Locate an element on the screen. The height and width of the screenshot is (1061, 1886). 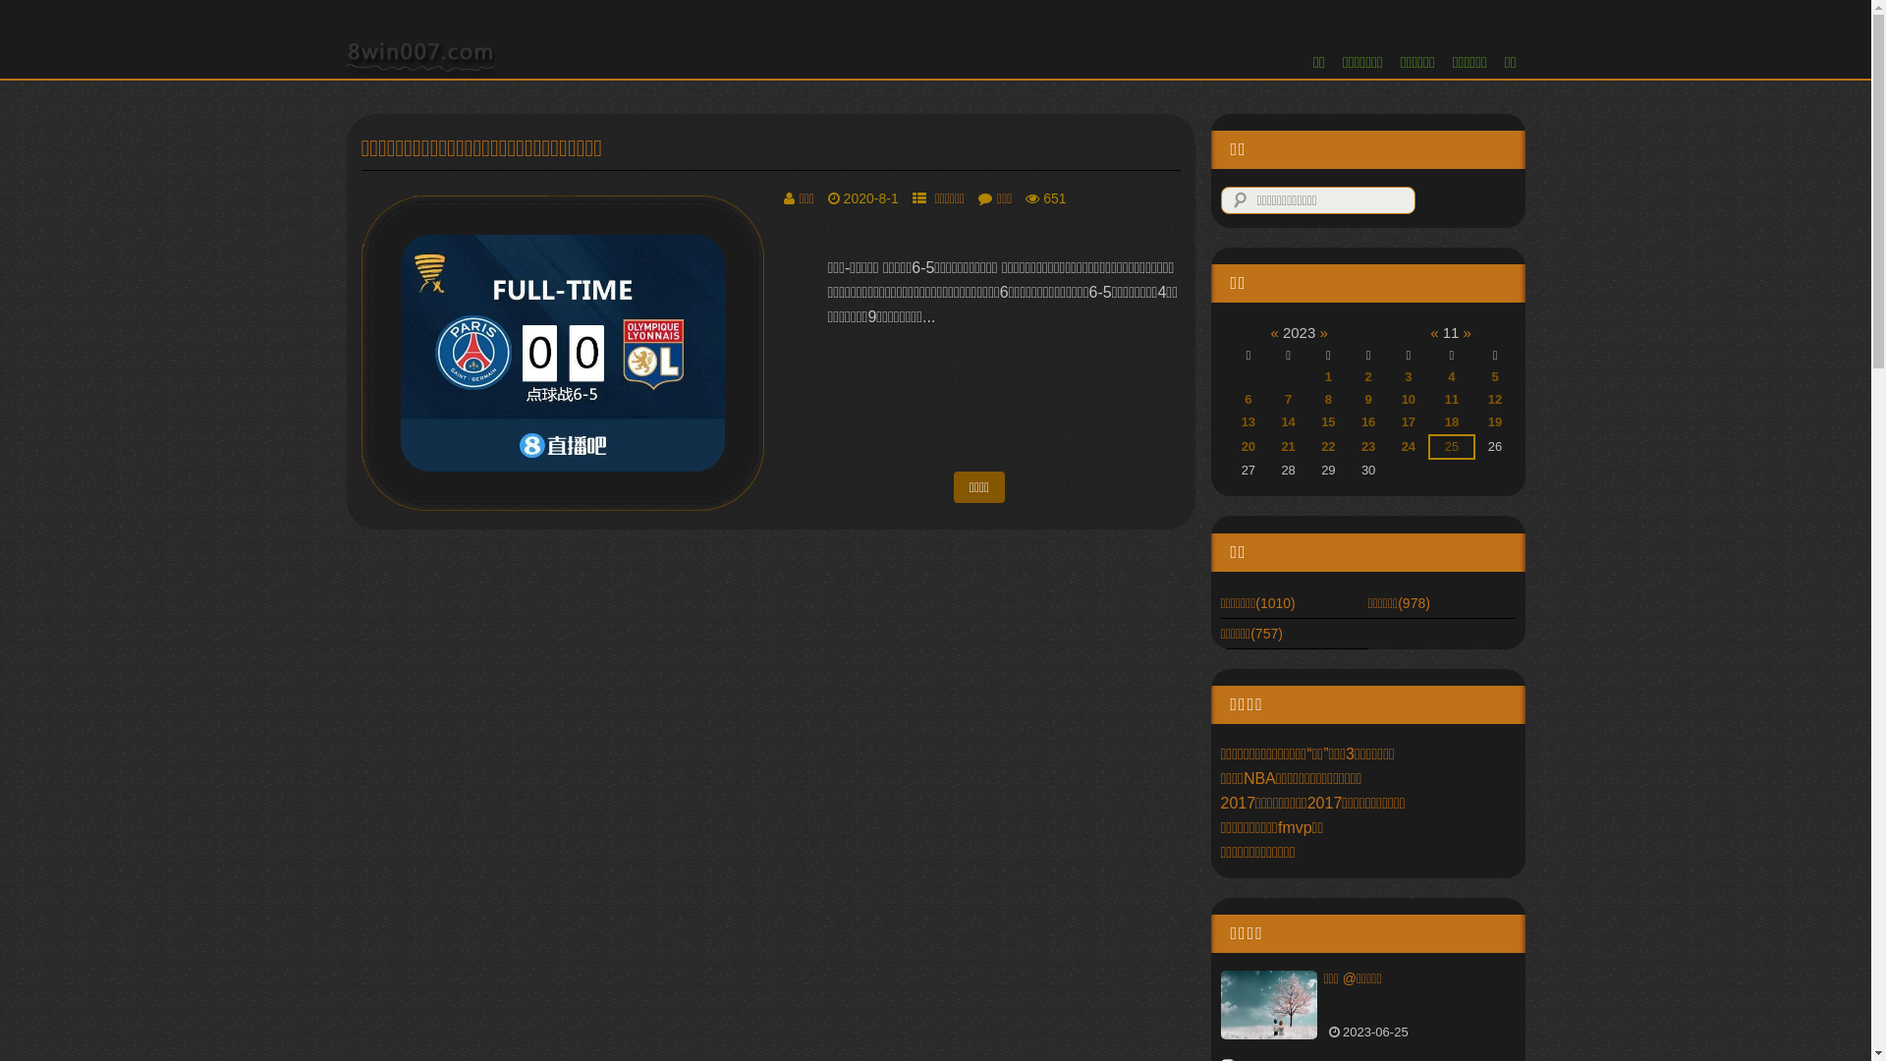
'17' is located at coordinates (1400, 420).